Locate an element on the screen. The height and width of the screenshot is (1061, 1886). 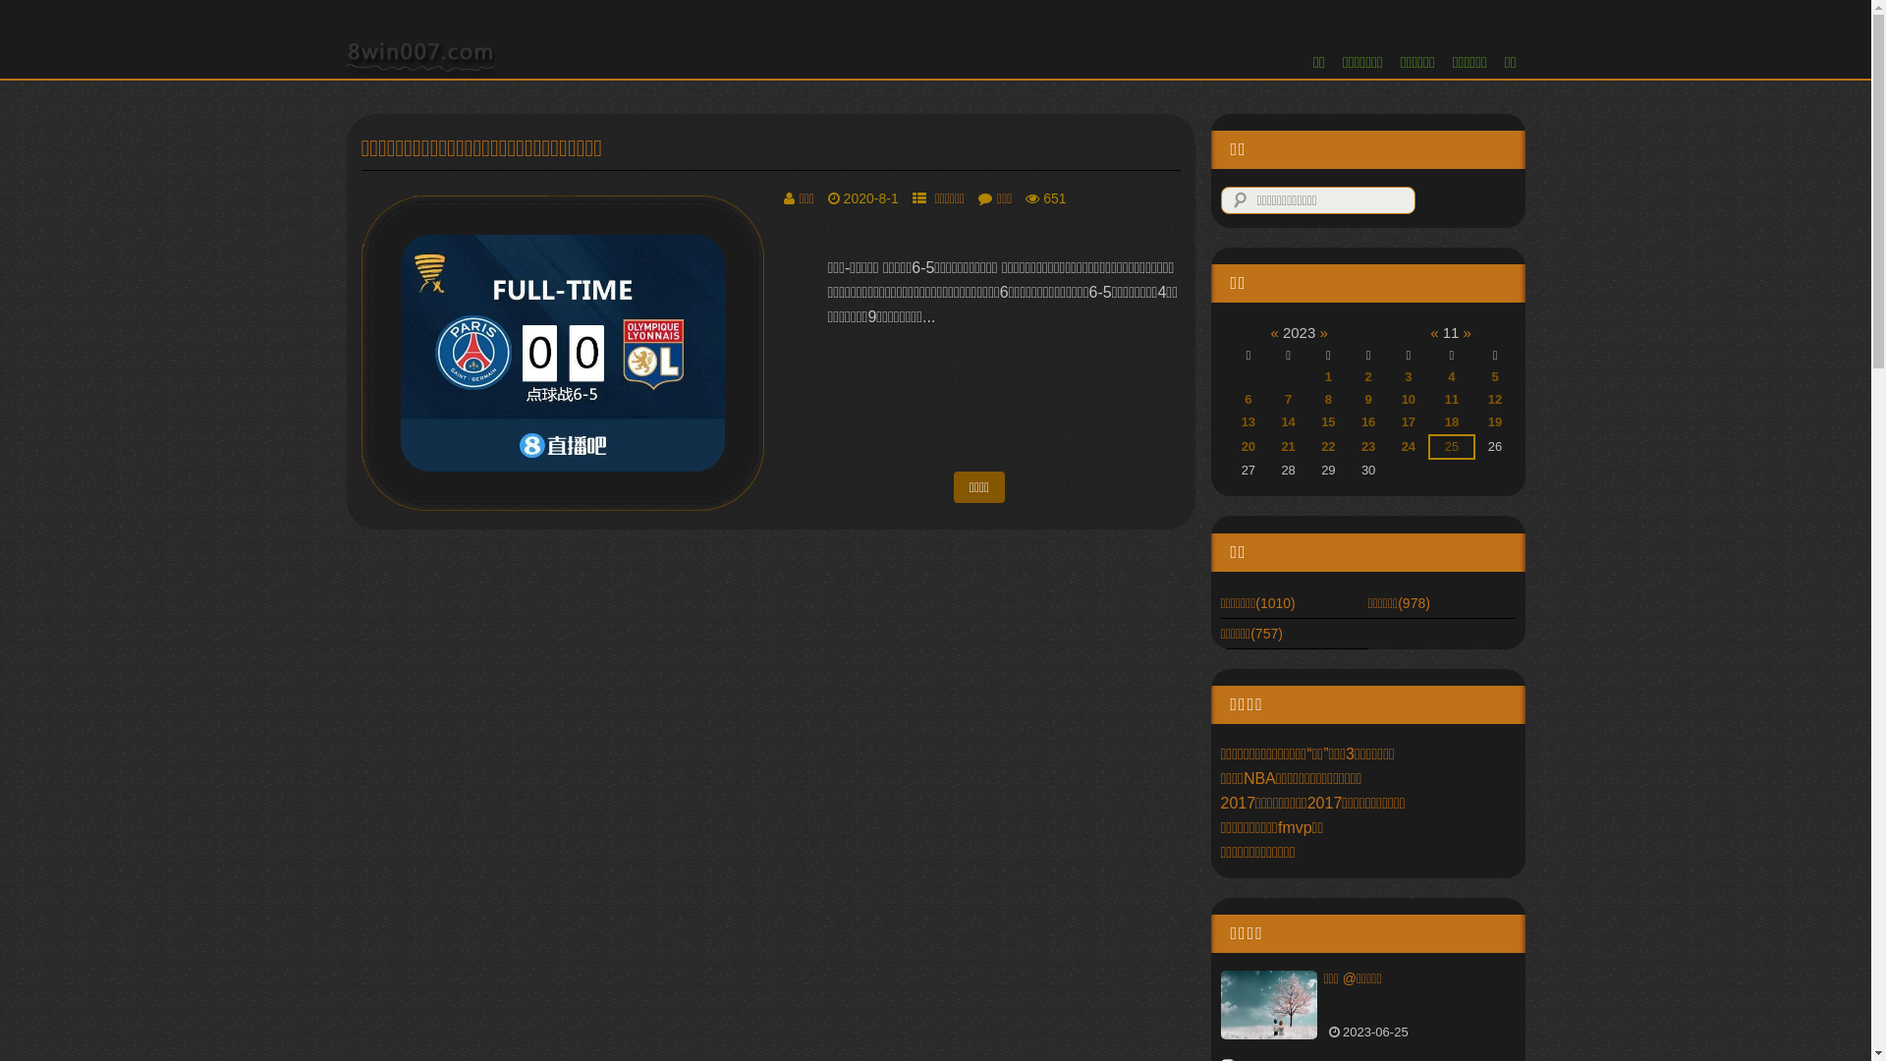
'17' is located at coordinates (1400, 420).